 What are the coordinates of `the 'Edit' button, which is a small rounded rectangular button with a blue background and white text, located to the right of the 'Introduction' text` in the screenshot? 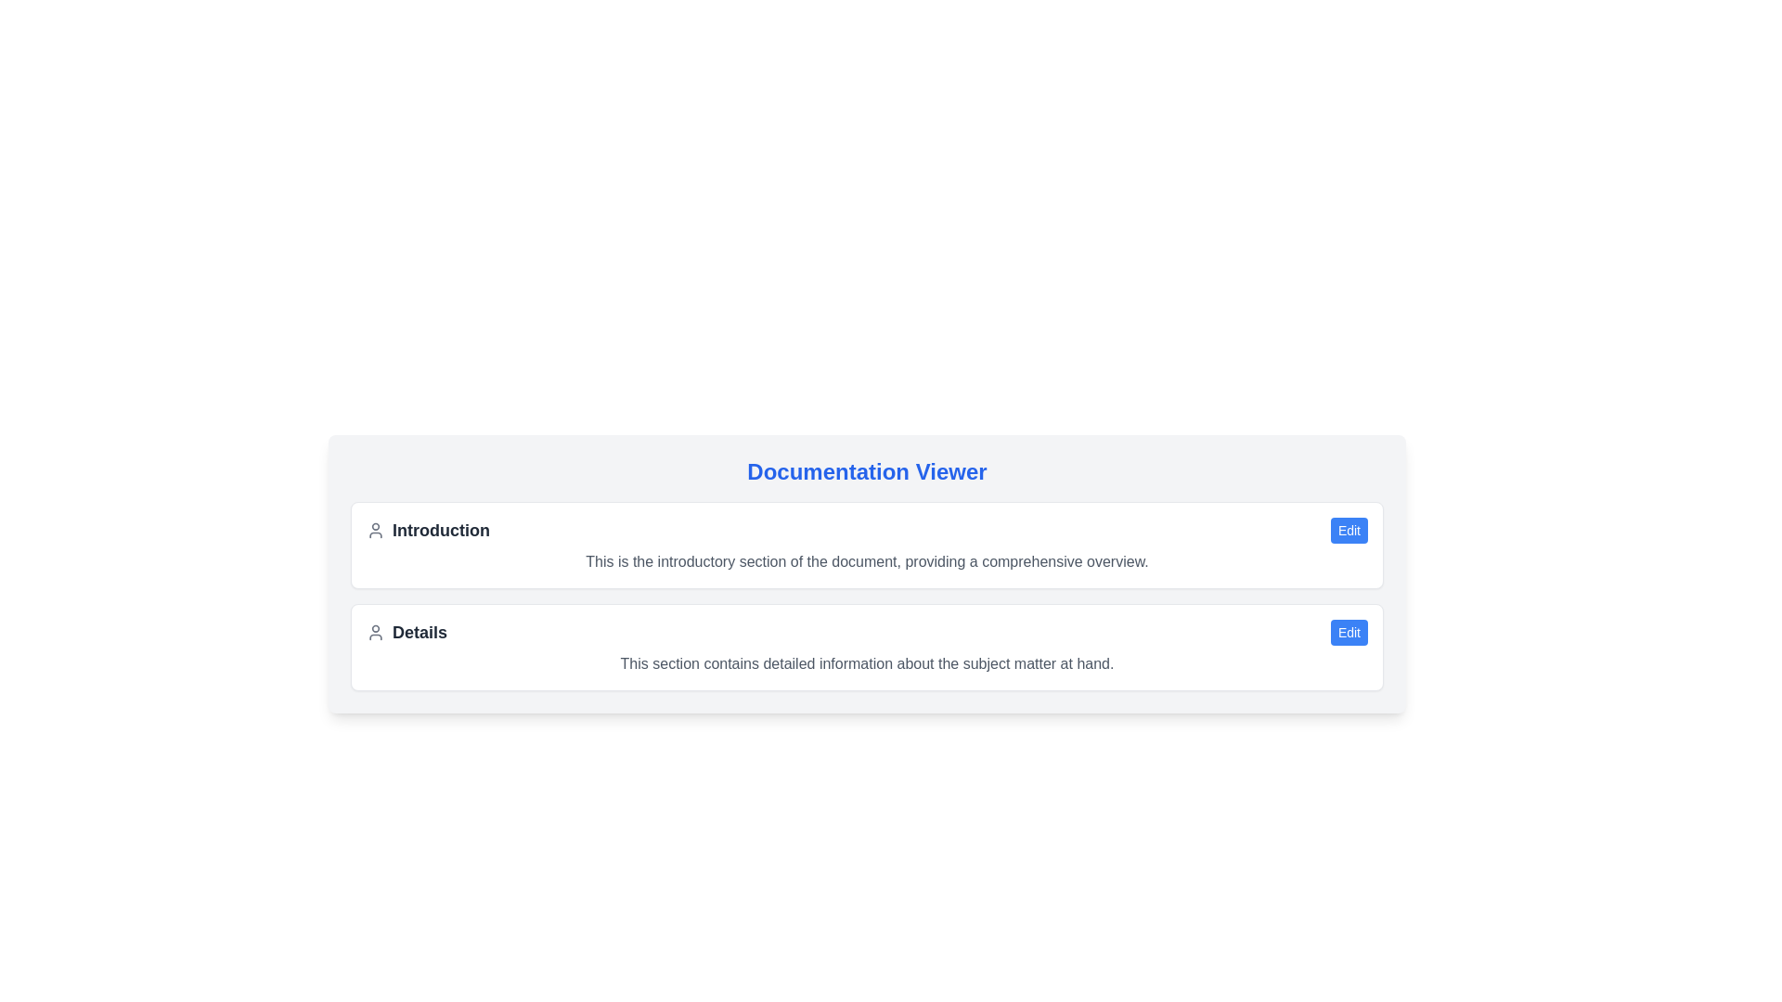 It's located at (1349, 530).